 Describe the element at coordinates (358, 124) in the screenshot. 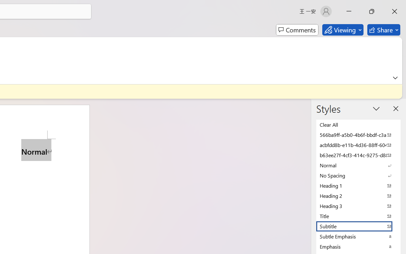

I see `'Clear All'` at that location.